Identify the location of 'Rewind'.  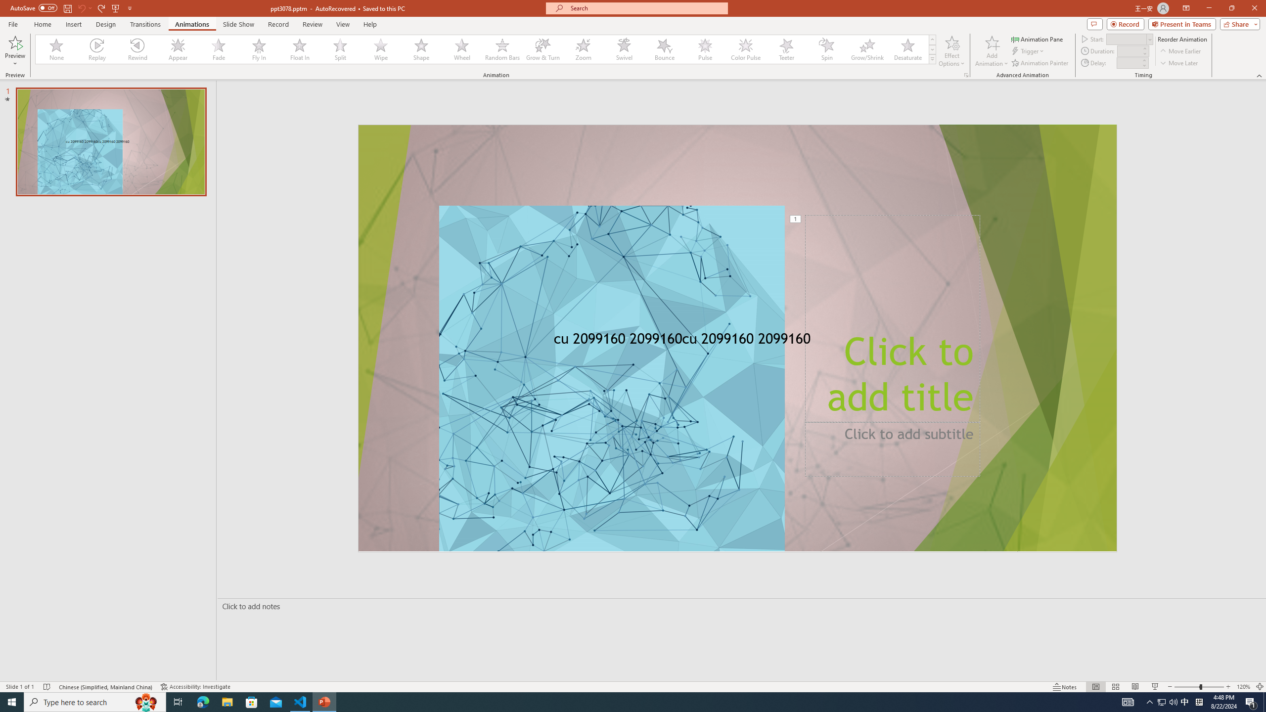
(137, 49).